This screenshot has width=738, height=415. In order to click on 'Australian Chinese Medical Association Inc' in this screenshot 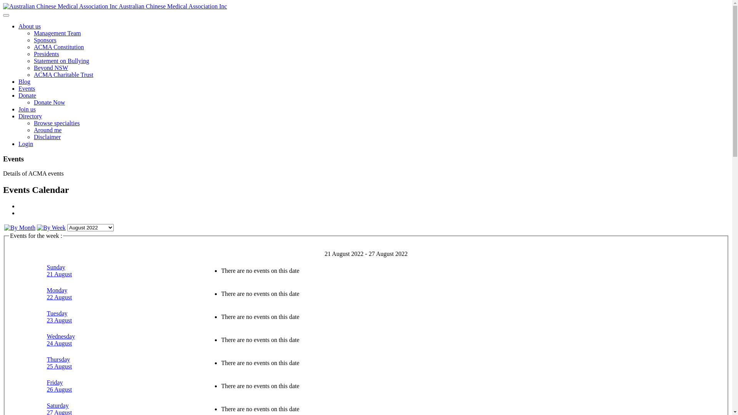, I will do `click(115, 6)`.